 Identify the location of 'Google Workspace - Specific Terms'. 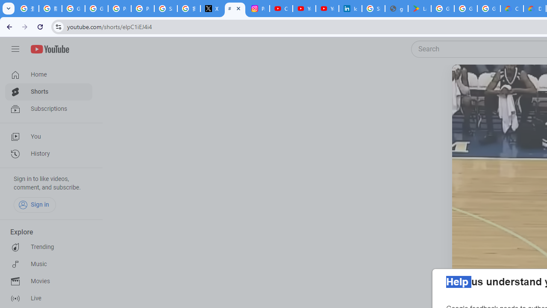
(465, 9).